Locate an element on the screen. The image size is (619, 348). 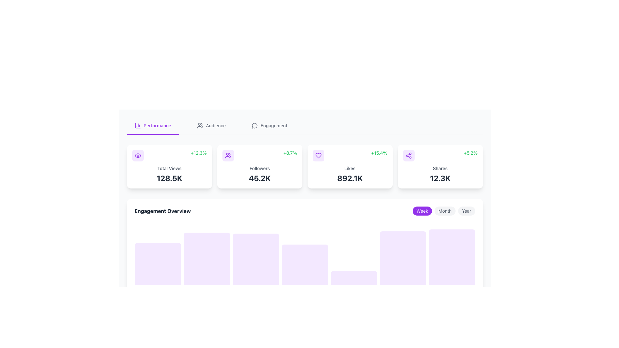
the positive growth percentage text label located in the upper-right corner of the 'Followers' card is located at coordinates (290, 153).